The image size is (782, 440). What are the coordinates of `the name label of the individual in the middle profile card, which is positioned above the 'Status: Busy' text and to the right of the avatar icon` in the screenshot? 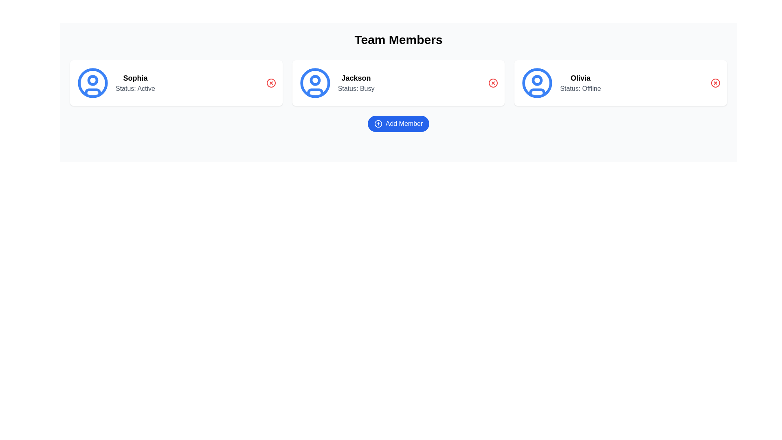 It's located at (356, 78).